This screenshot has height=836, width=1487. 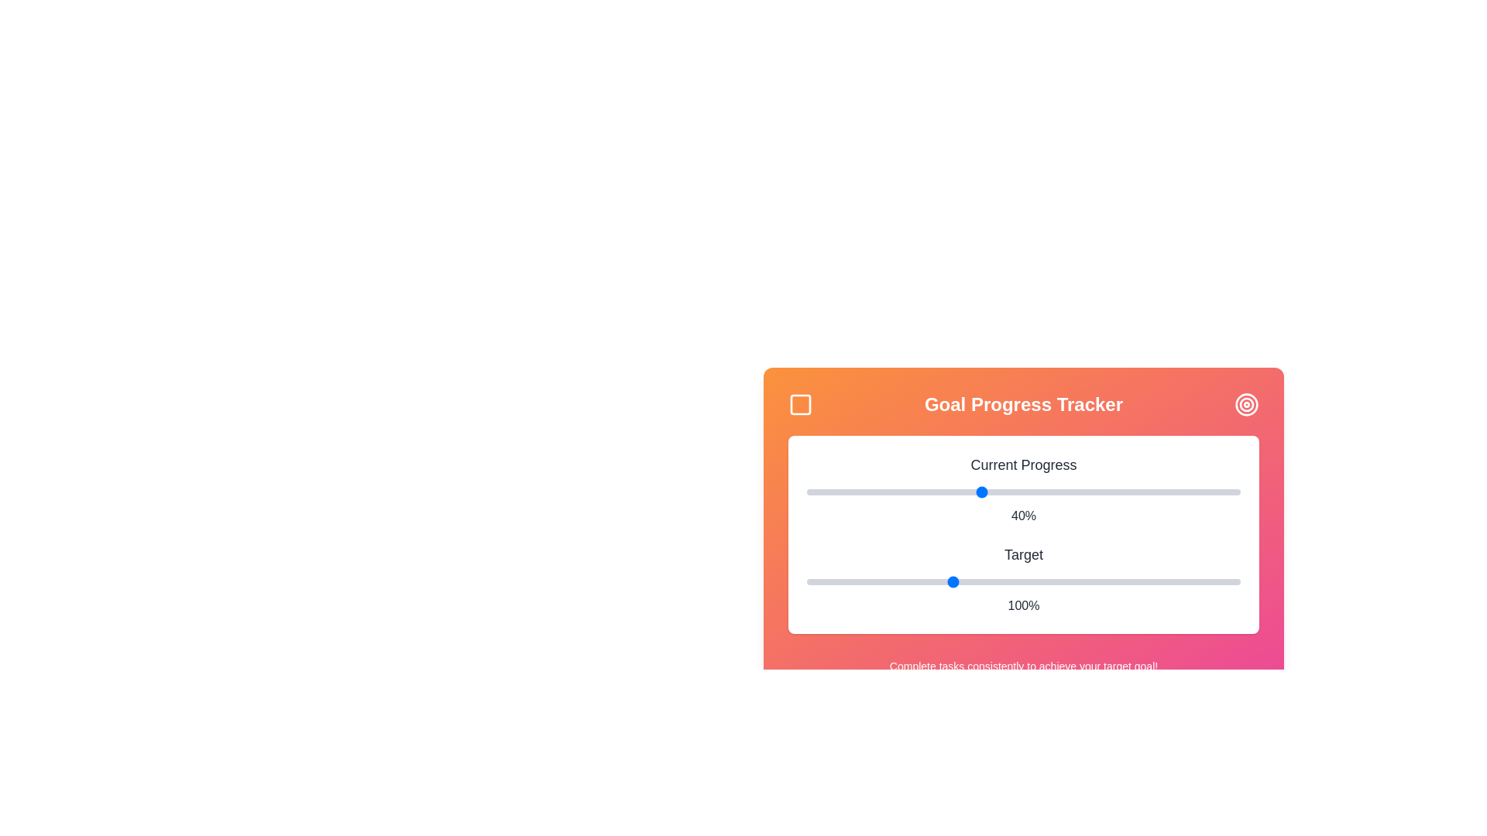 I want to click on the 'Current Progress' slider to 84%, so click(x=1171, y=492).